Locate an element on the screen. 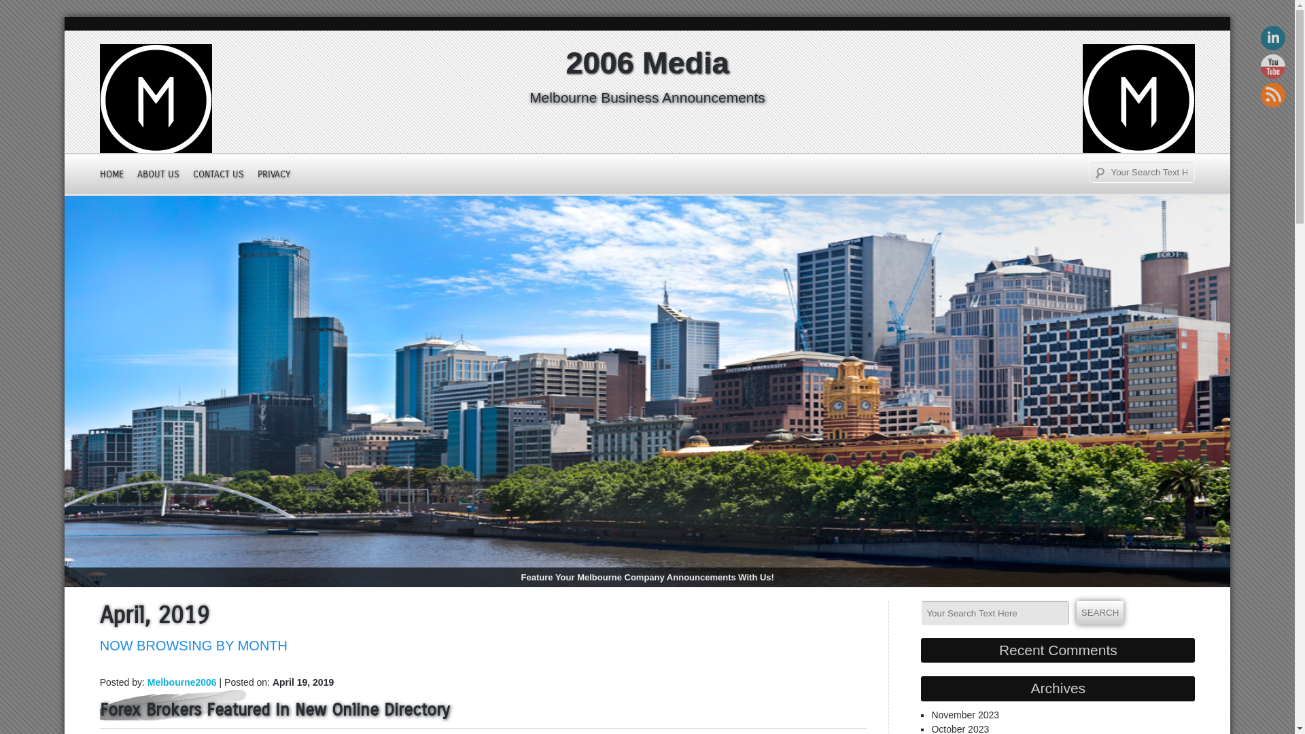 This screenshot has width=1305, height=734. 'November 2023' is located at coordinates (964, 714).